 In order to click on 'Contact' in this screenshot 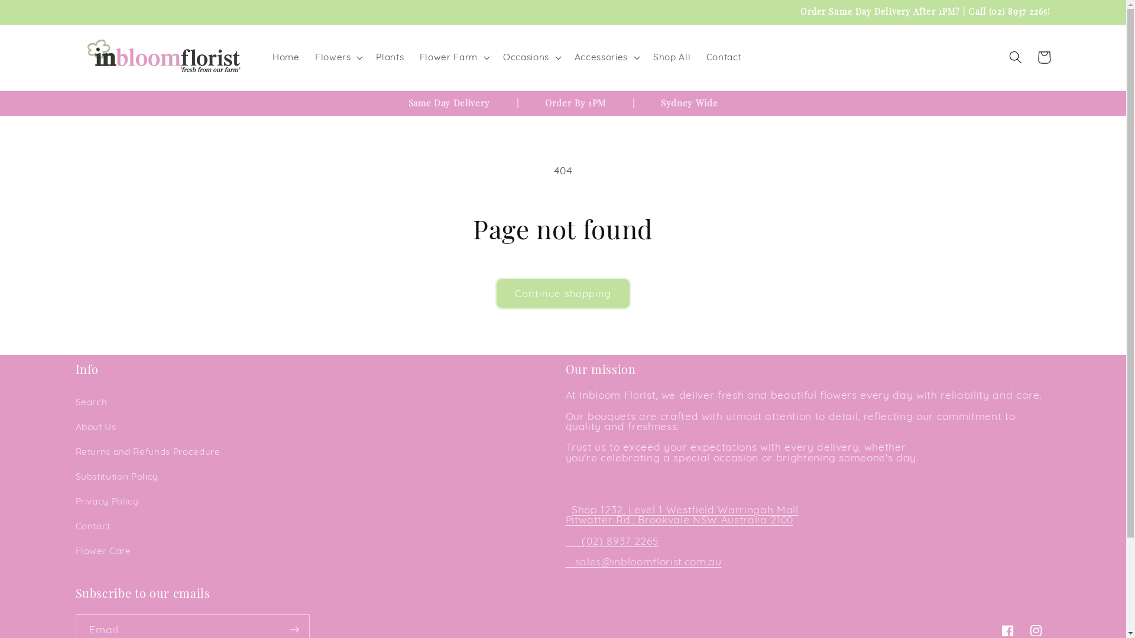, I will do `click(93, 526)`.